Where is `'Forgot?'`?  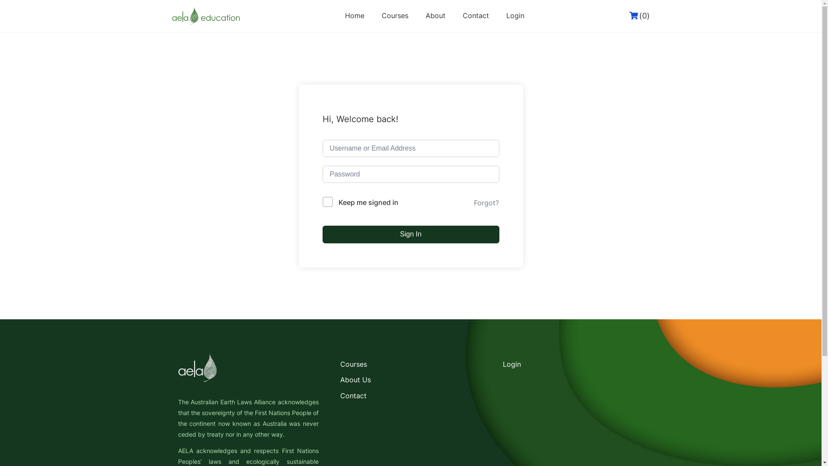
'Forgot?' is located at coordinates (473, 203).